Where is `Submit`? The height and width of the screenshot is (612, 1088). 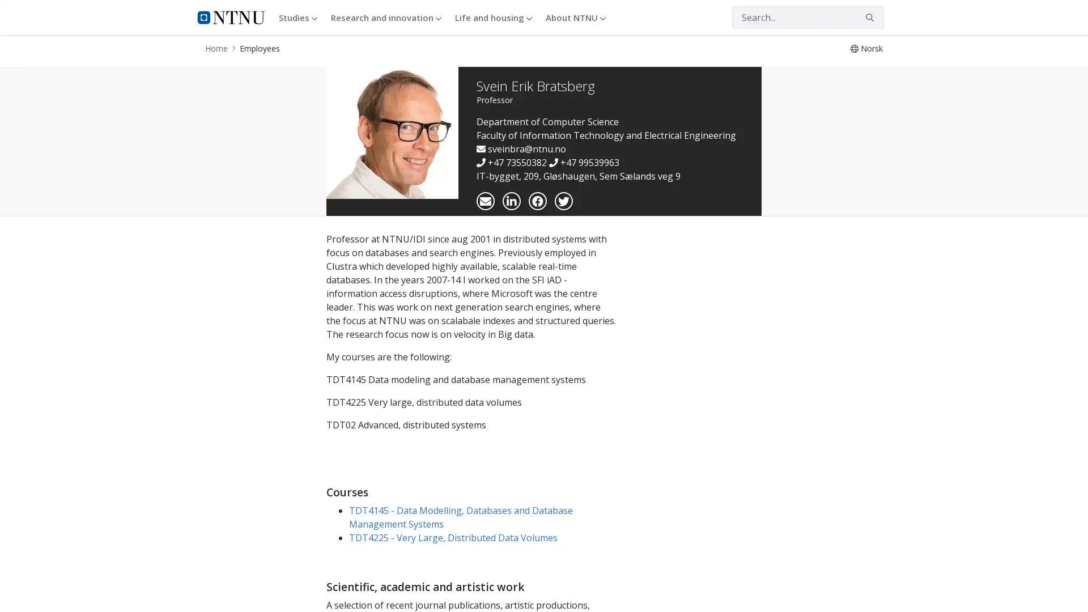
Submit is located at coordinates (869, 17).